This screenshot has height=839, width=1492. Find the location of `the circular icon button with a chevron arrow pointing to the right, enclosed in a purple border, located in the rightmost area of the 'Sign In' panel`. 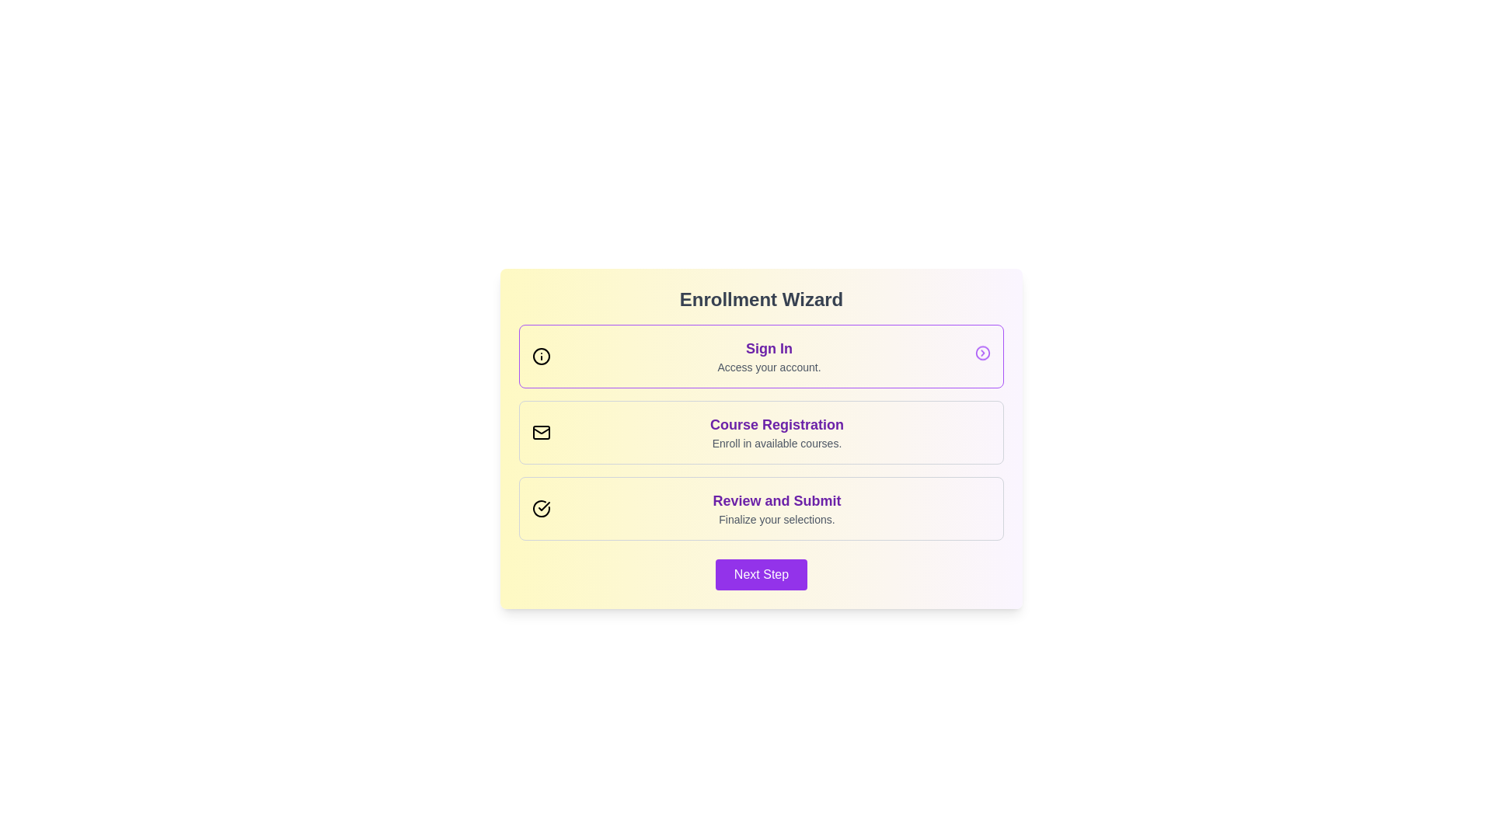

the circular icon button with a chevron arrow pointing to the right, enclosed in a purple border, located in the rightmost area of the 'Sign In' panel is located at coordinates (982, 354).